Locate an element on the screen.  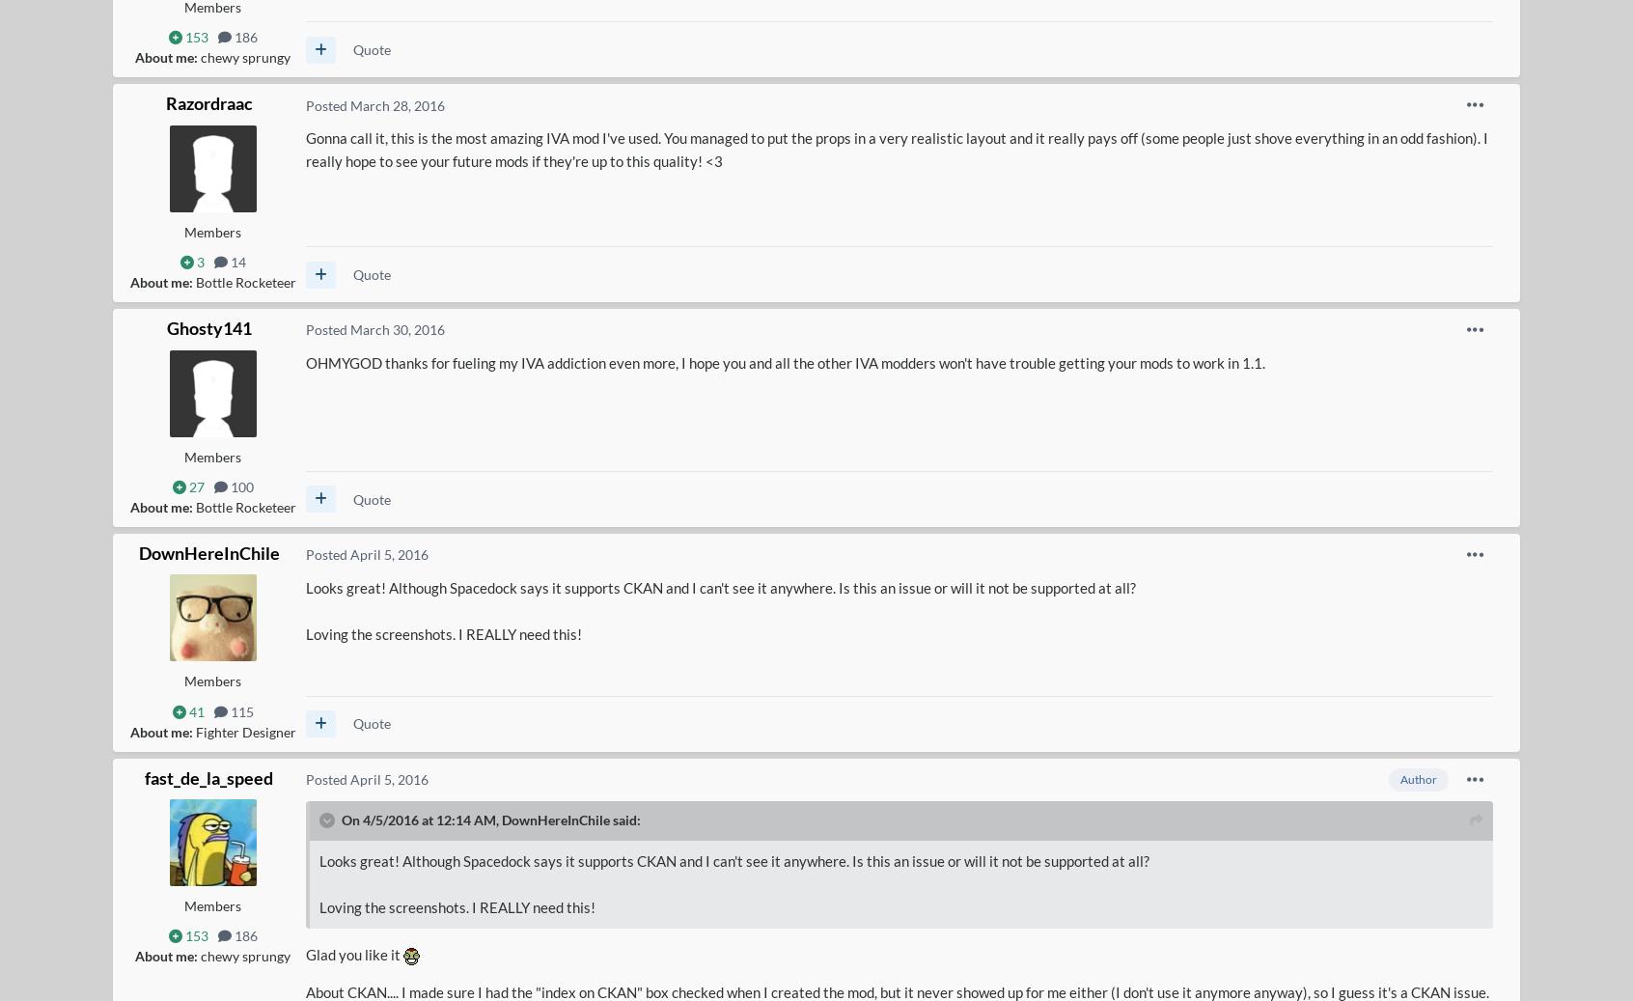
'March 28, 2016' is located at coordinates (396, 103).